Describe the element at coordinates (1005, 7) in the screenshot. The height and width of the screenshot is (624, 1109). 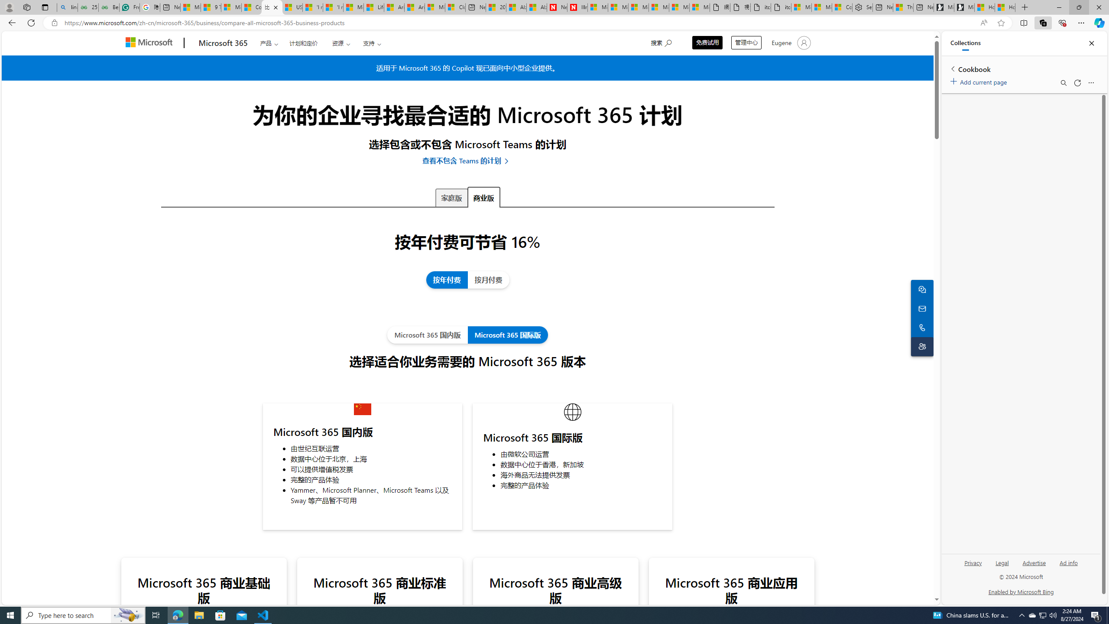
I see `'How to Use a TV as a Computer Monitor'` at that location.